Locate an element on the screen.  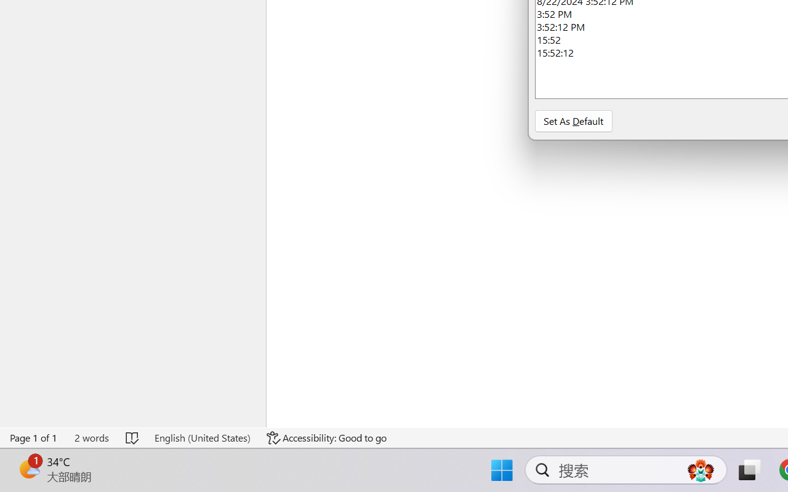
'Language English (United States)' is located at coordinates (202, 437).